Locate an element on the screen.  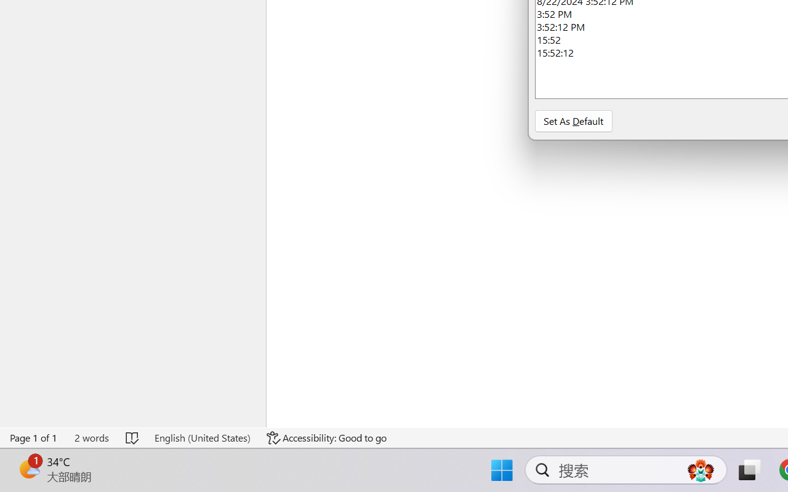
'Language English (United States)' is located at coordinates (202, 437).